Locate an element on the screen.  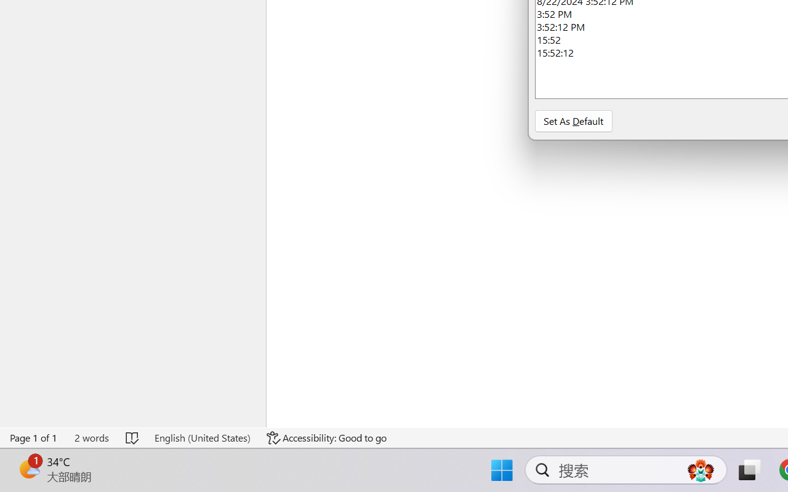
'Language English (United States)' is located at coordinates (202, 437).